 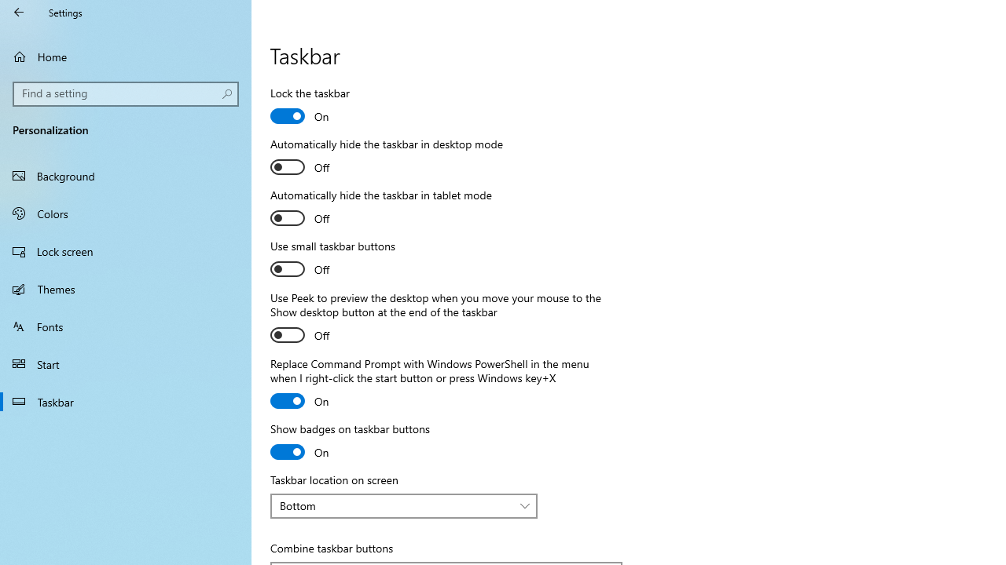 I want to click on 'Lock screen', so click(x=126, y=250).